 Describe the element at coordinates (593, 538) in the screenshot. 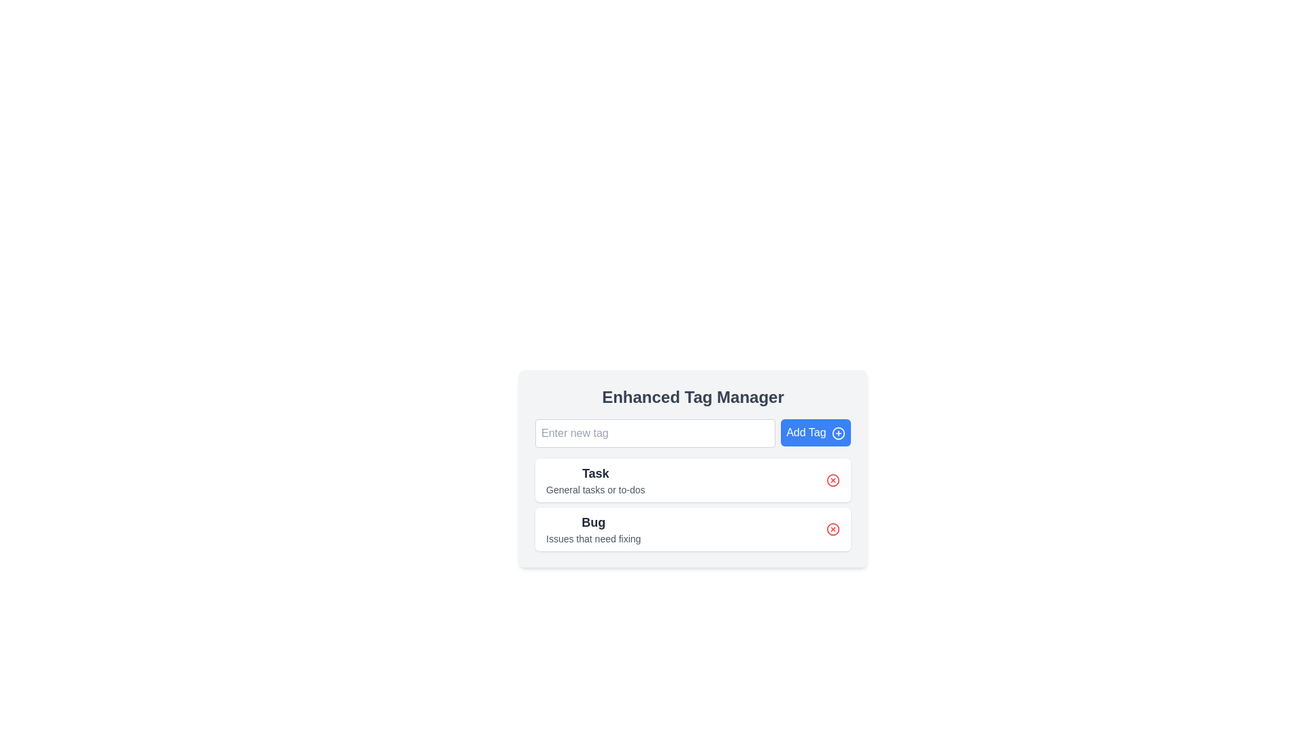

I see `the text label styled with gray color that reads 'Issues that need fixing', located below the bolded title 'Bug' in the lower-right quadrant of the interface` at that location.